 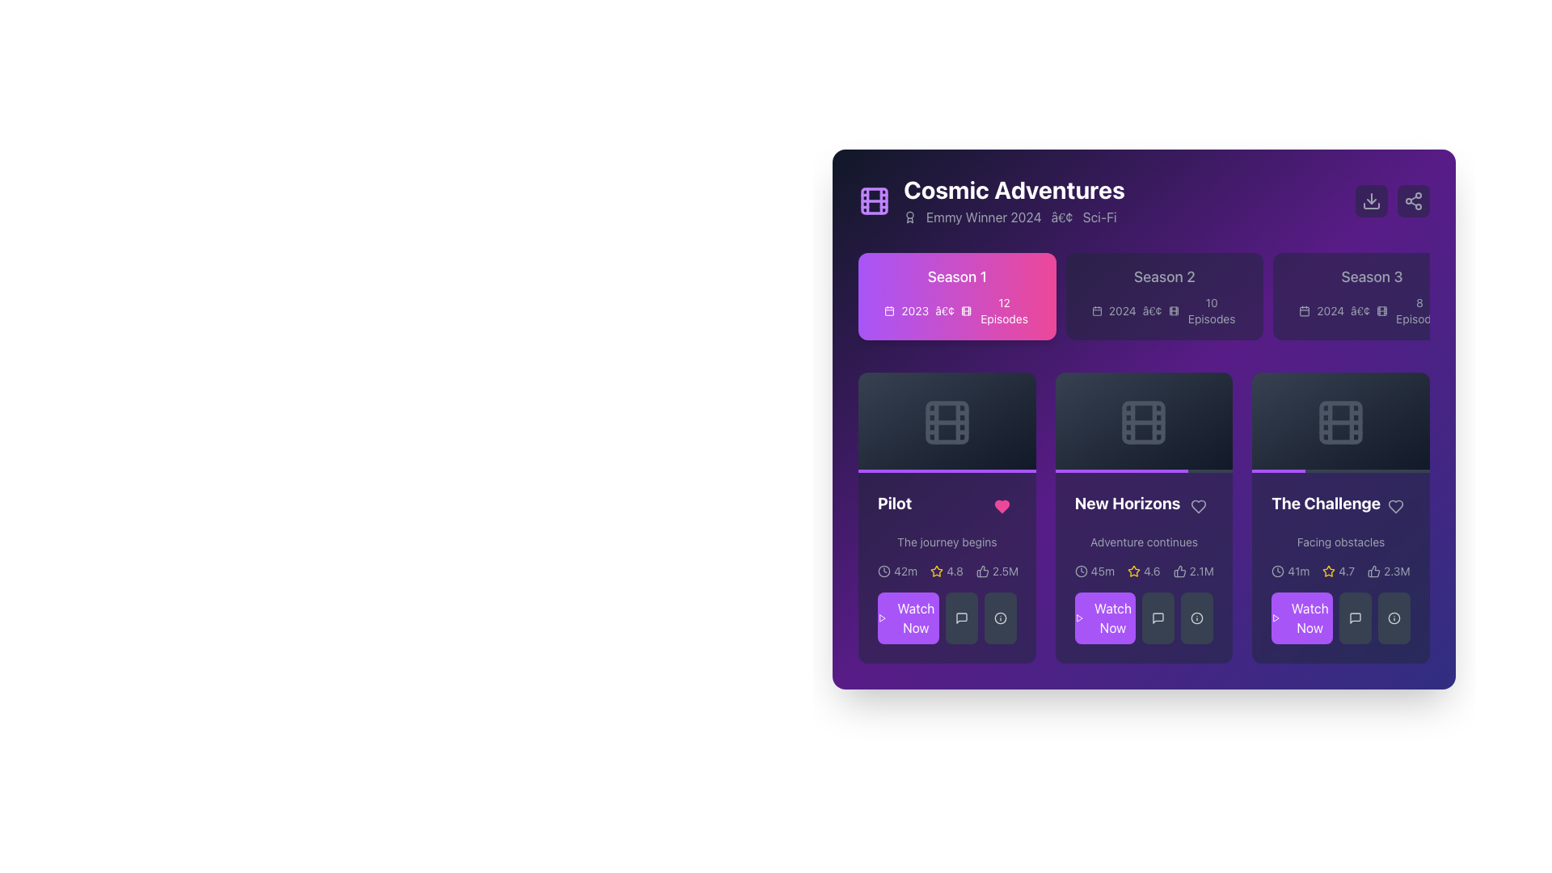 What do you see at coordinates (888, 311) in the screenshot?
I see `the compact square calendar icon located to the left of the year '2023' in the 'Season 1' section` at bounding box center [888, 311].